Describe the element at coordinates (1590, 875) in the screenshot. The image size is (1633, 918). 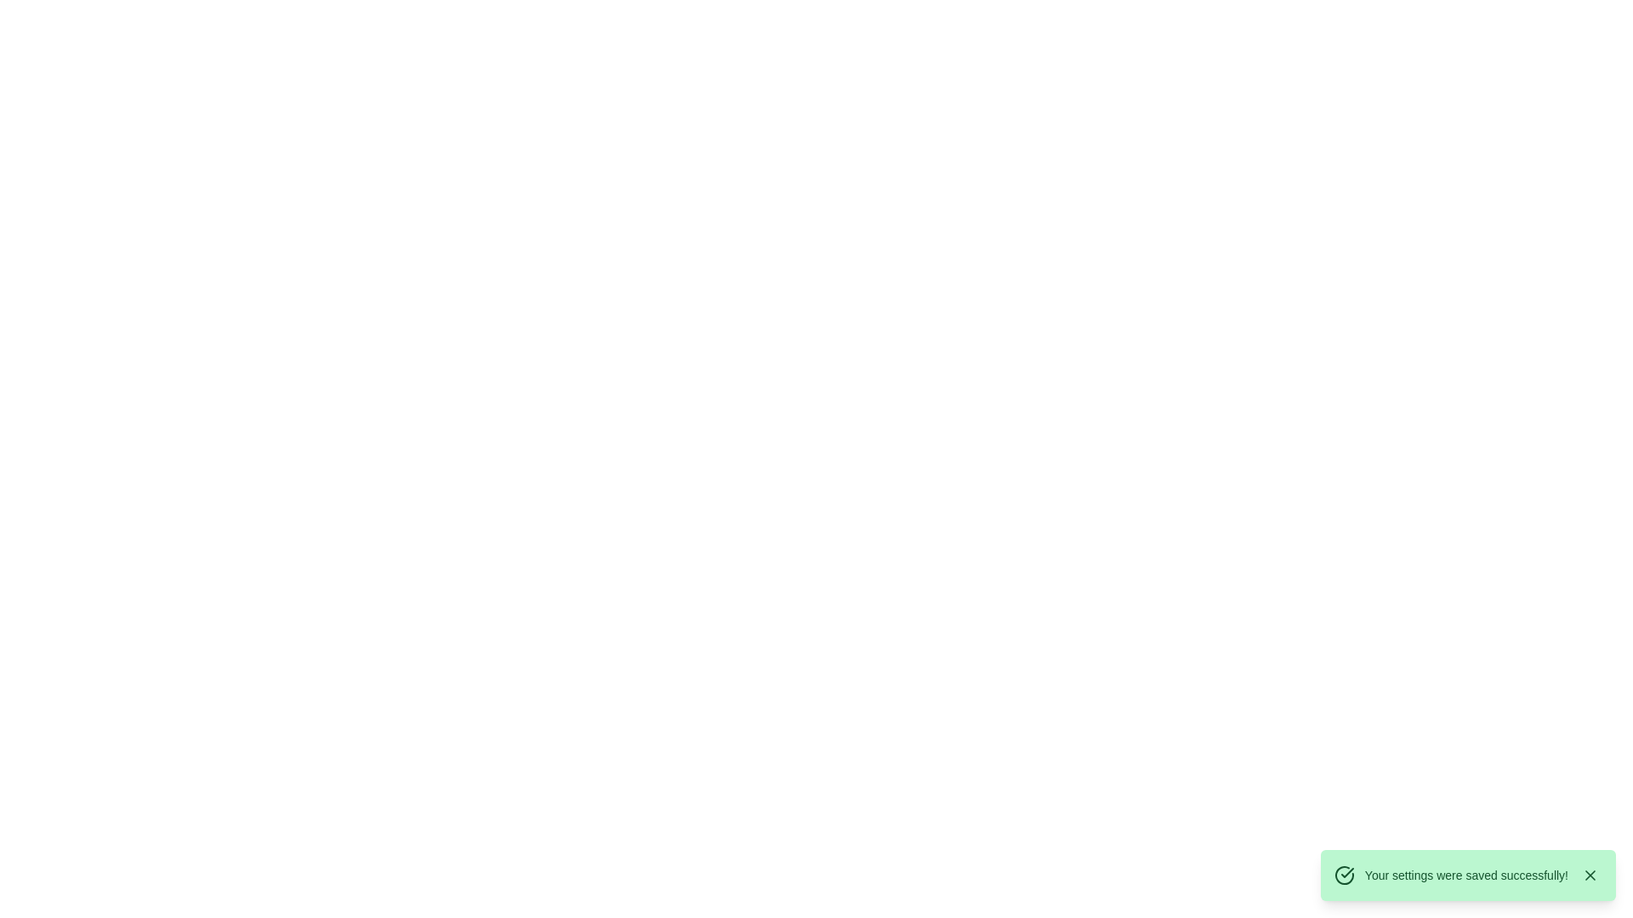
I see `the button icon represented by a diagonal cross mark to change its appearance` at that location.